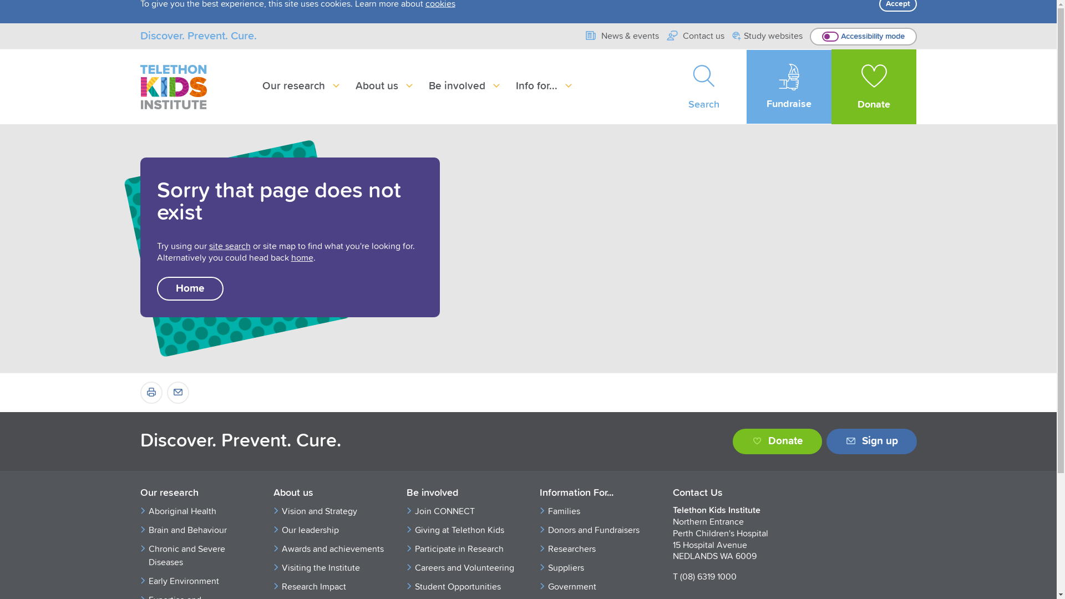 Image resolution: width=1065 pixels, height=599 pixels. Describe the element at coordinates (428, 85) in the screenshot. I see `'Be involved'` at that location.